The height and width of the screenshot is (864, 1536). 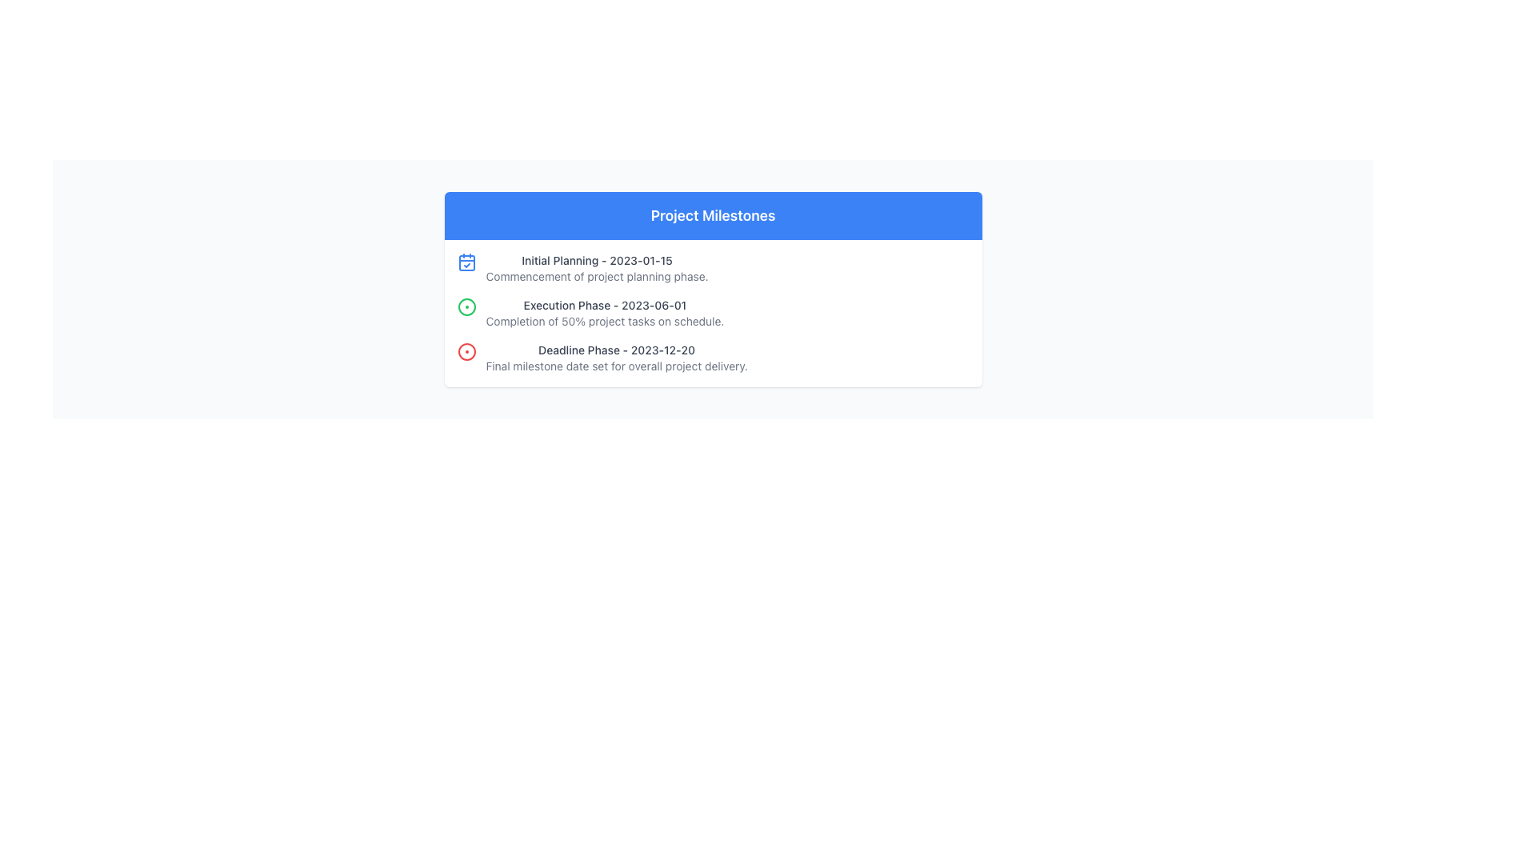 What do you see at coordinates (466, 307) in the screenshot?
I see `the circular icon indicator located to the left of the text labeled 'Execution Phase - 2023-06-01'` at bounding box center [466, 307].